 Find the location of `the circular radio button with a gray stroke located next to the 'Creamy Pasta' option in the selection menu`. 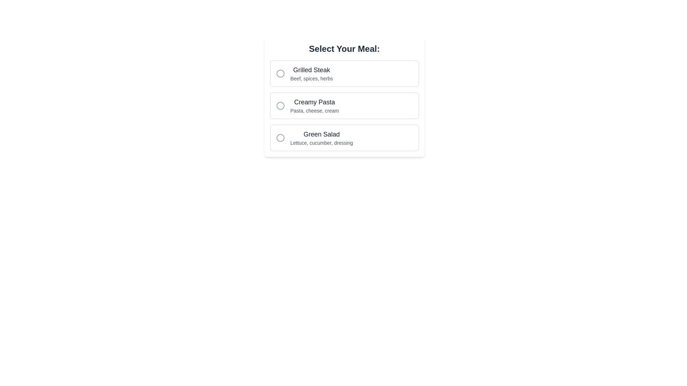

the circular radio button with a gray stroke located next to the 'Creamy Pasta' option in the selection menu is located at coordinates (280, 106).